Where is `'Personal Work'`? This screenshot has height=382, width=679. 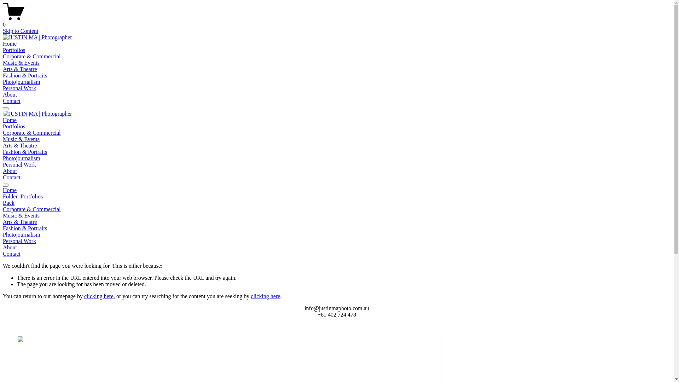 'Personal Work' is located at coordinates (19, 164).